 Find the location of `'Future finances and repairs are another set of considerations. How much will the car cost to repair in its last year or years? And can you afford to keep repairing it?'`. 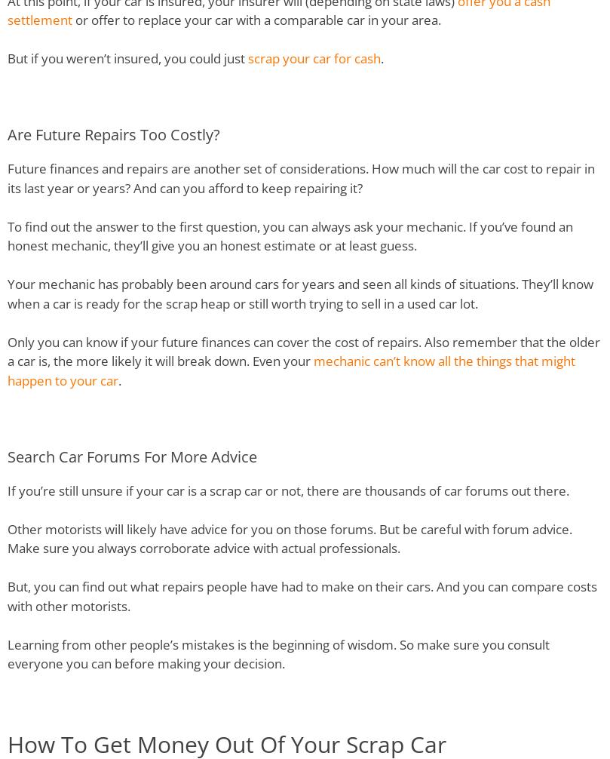

'Future finances and repairs are another set of considerations. How much will the car cost to repair in its last year or years? And can you afford to keep repairing it?' is located at coordinates (301, 178).